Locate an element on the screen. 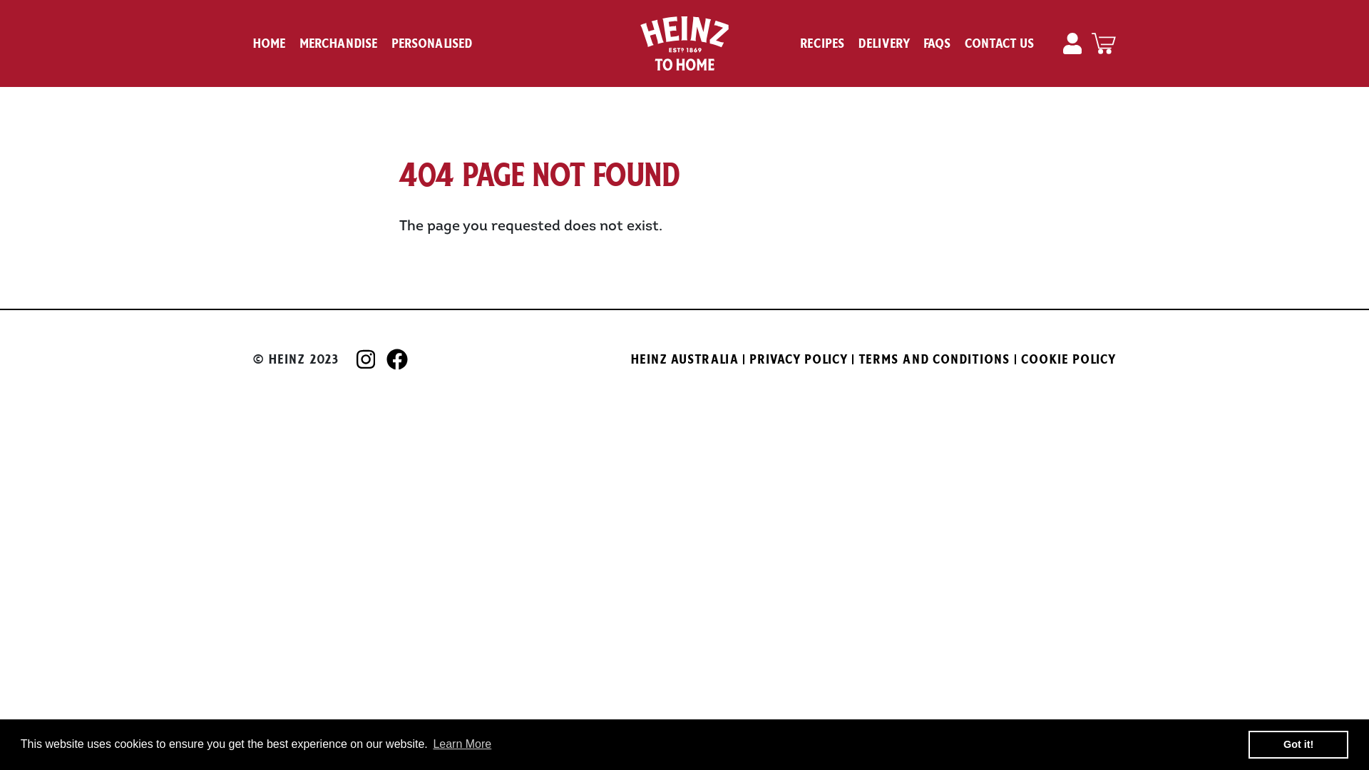  'Got it!' is located at coordinates (1298, 744).